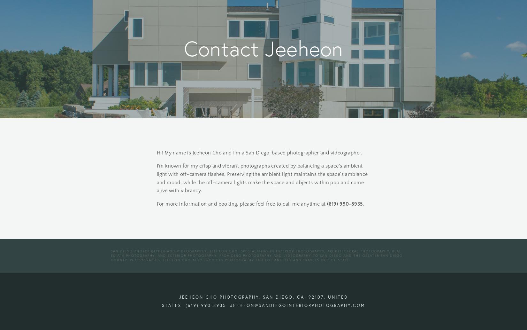 Image resolution: width=527 pixels, height=330 pixels. What do you see at coordinates (183, 152) in the screenshot?
I see `'Hi! My name is Jeeheon'` at bounding box center [183, 152].